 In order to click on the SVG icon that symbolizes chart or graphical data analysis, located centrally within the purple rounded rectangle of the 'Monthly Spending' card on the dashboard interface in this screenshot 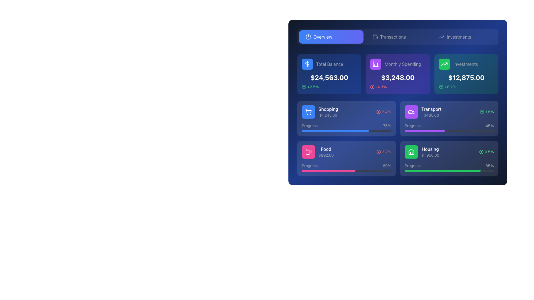, I will do `click(376, 64)`.